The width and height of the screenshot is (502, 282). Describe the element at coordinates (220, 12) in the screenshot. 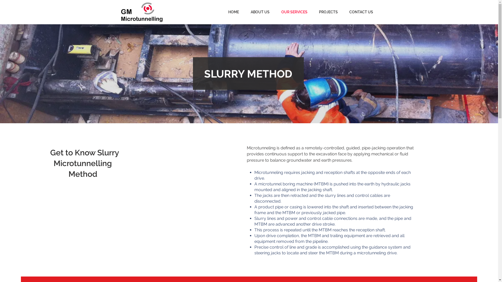

I see `'HOME'` at that location.